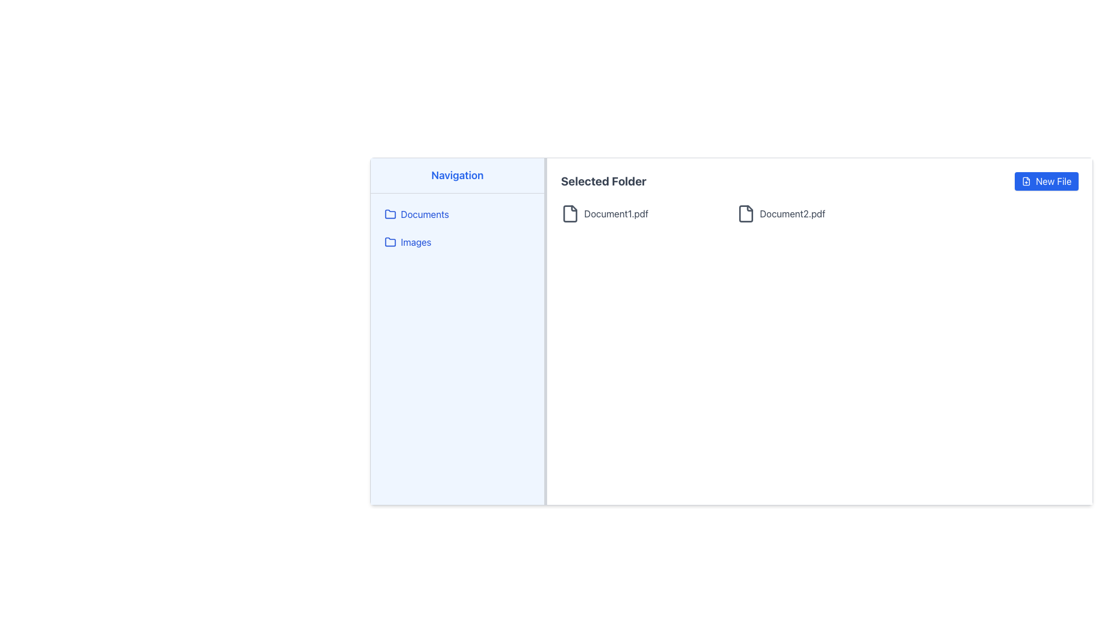 The width and height of the screenshot is (1114, 626). Describe the element at coordinates (616, 214) in the screenshot. I see `the text label 'Document1.pdf'` at that location.